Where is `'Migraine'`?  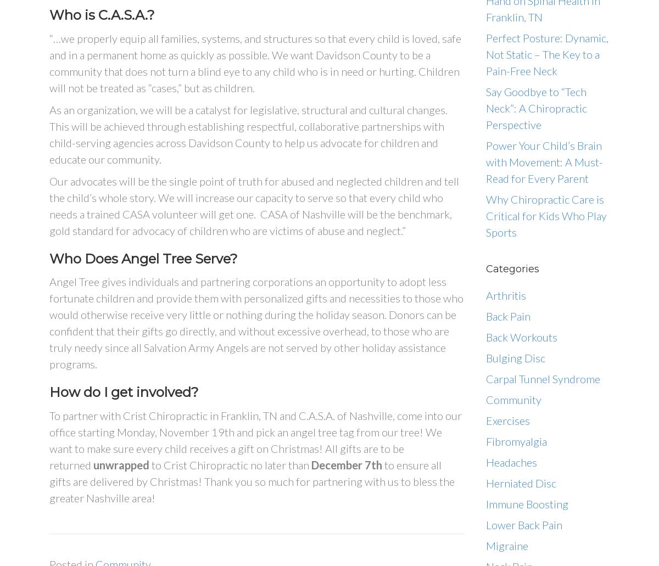
'Migraine' is located at coordinates (507, 545).